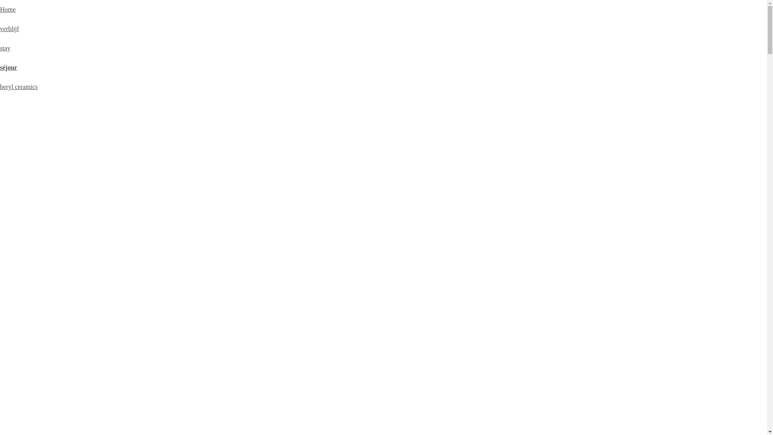 The height and width of the screenshot is (435, 773). Describe the element at coordinates (19, 87) in the screenshot. I see `'beryl ceramics'` at that location.